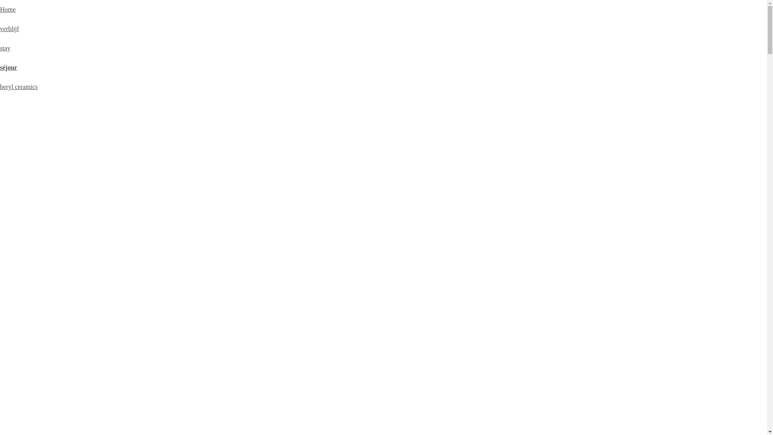 The height and width of the screenshot is (435, 773). Describe the element at coordinates (19, 87) in the screenshot. I see `'beryl ceramics'` at that location.